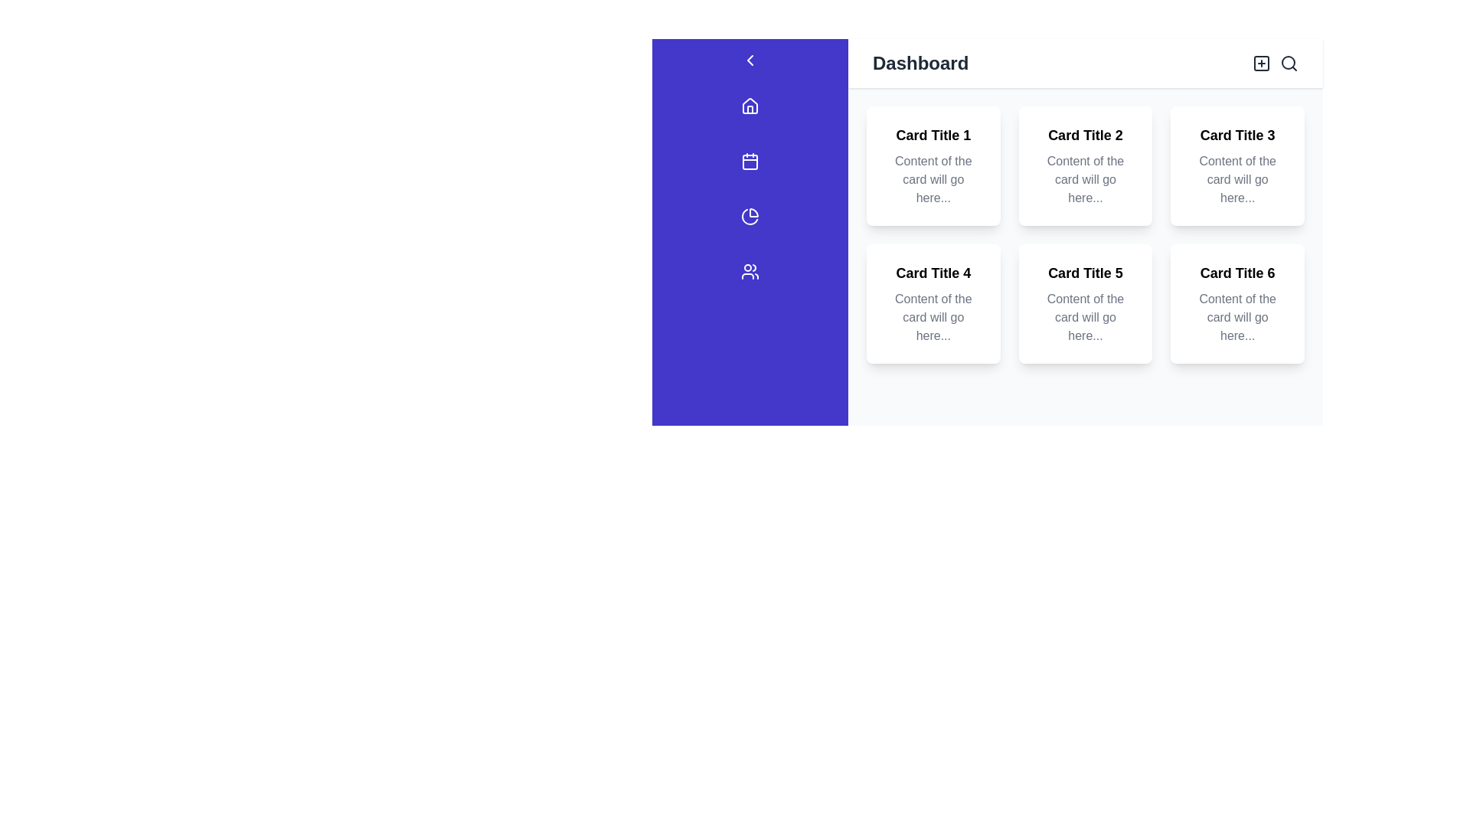 Image resolution: width=1470 pixels, height=827 pixels. Describe the element at coordinates (750, 165) in the screenshot. I see `the navigation button located on the left navigation bar, which is the second item below the house icon` at that location.